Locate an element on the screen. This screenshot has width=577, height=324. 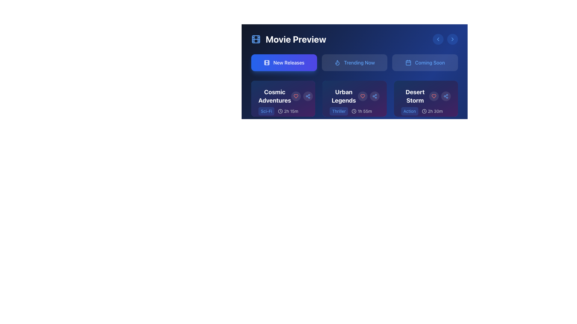
the clock icon located at the bottom-left section of the 'Cosmic Adventures' movie card, which features a circular outline and clock hands, positioned next to the duration label is located at coordinates (280, 111).